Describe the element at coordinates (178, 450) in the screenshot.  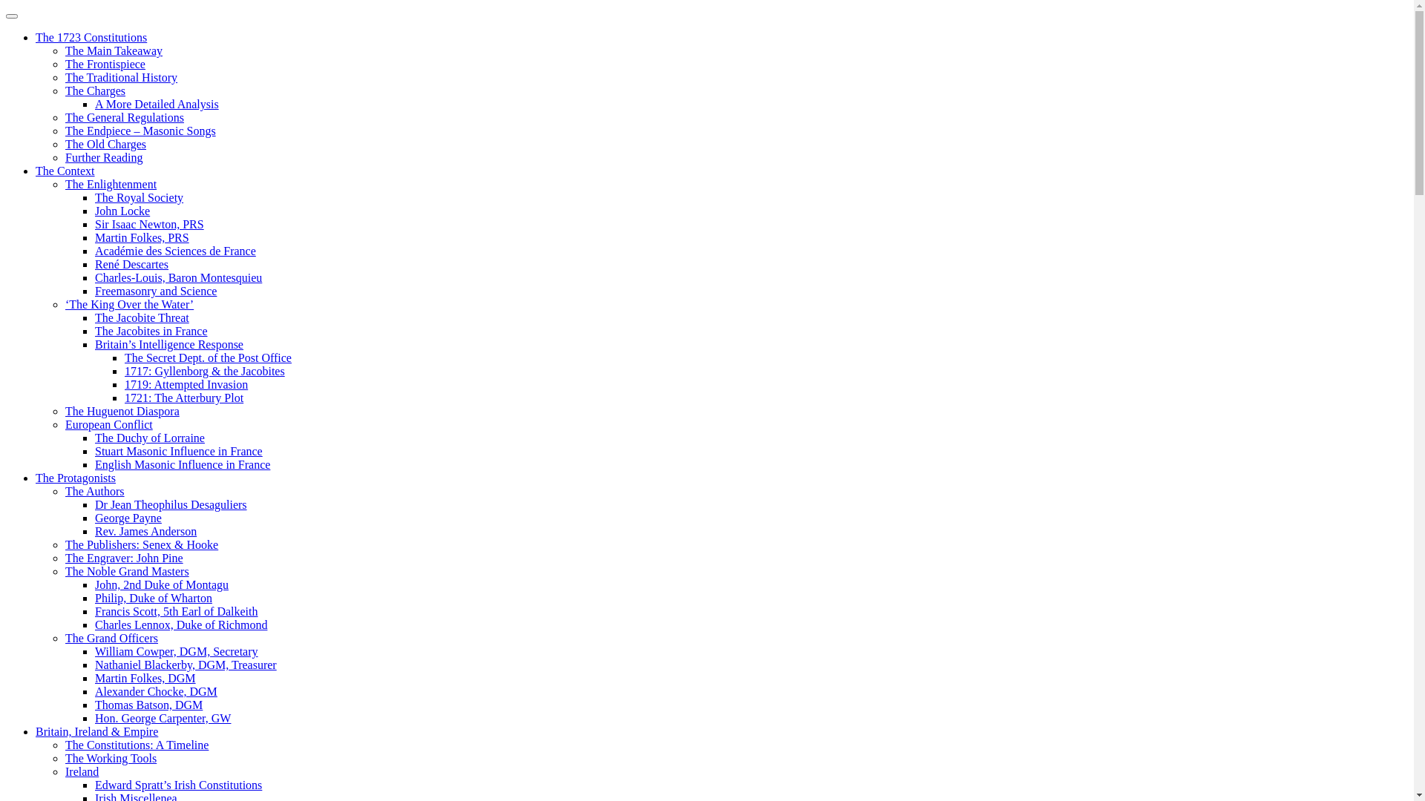
I see `'Stuart Masonic Influence in France'` at that location.